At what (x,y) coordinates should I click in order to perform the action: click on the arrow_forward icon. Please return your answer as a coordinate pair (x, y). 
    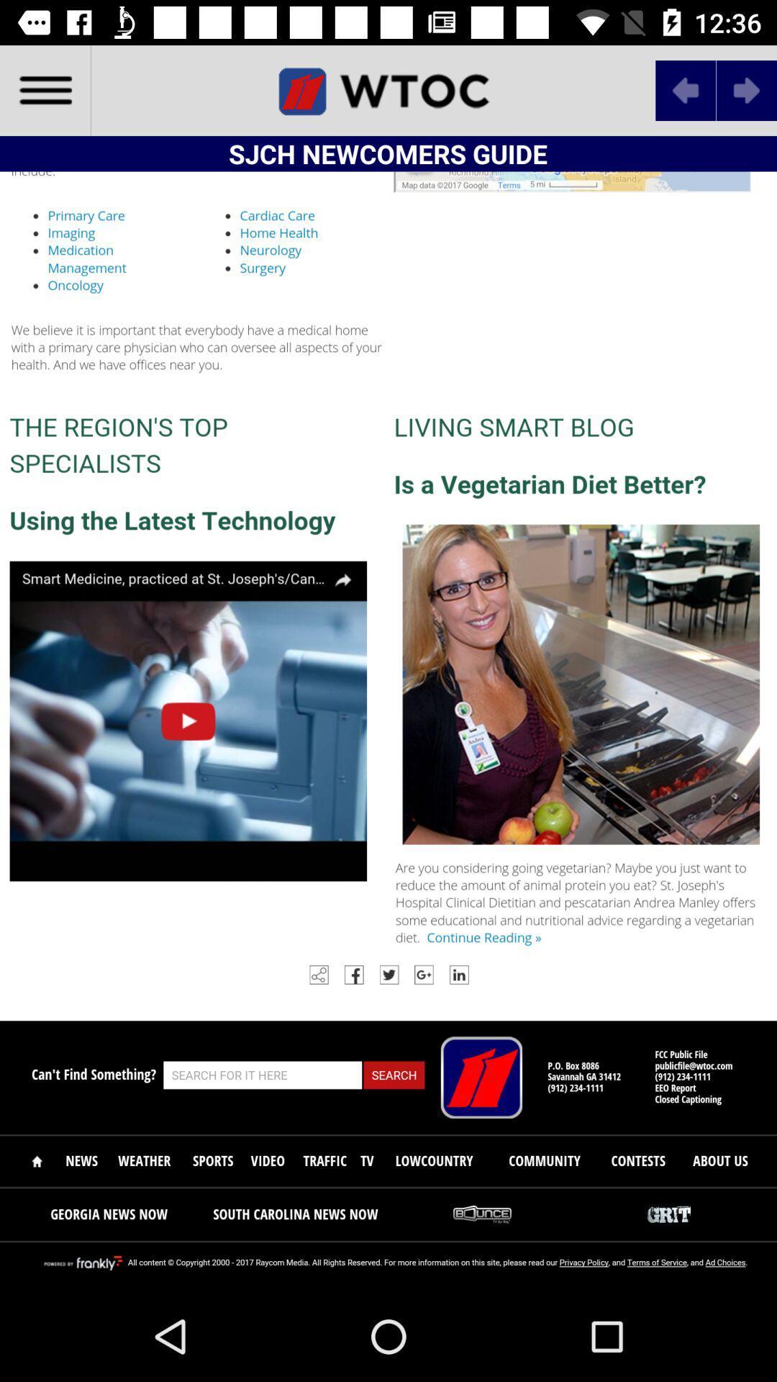
    Looking at the image, I should click on (745, 89).